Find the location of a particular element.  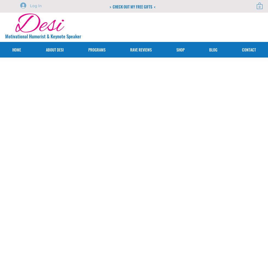

'SHOP' is located at coordinates (180, 49).